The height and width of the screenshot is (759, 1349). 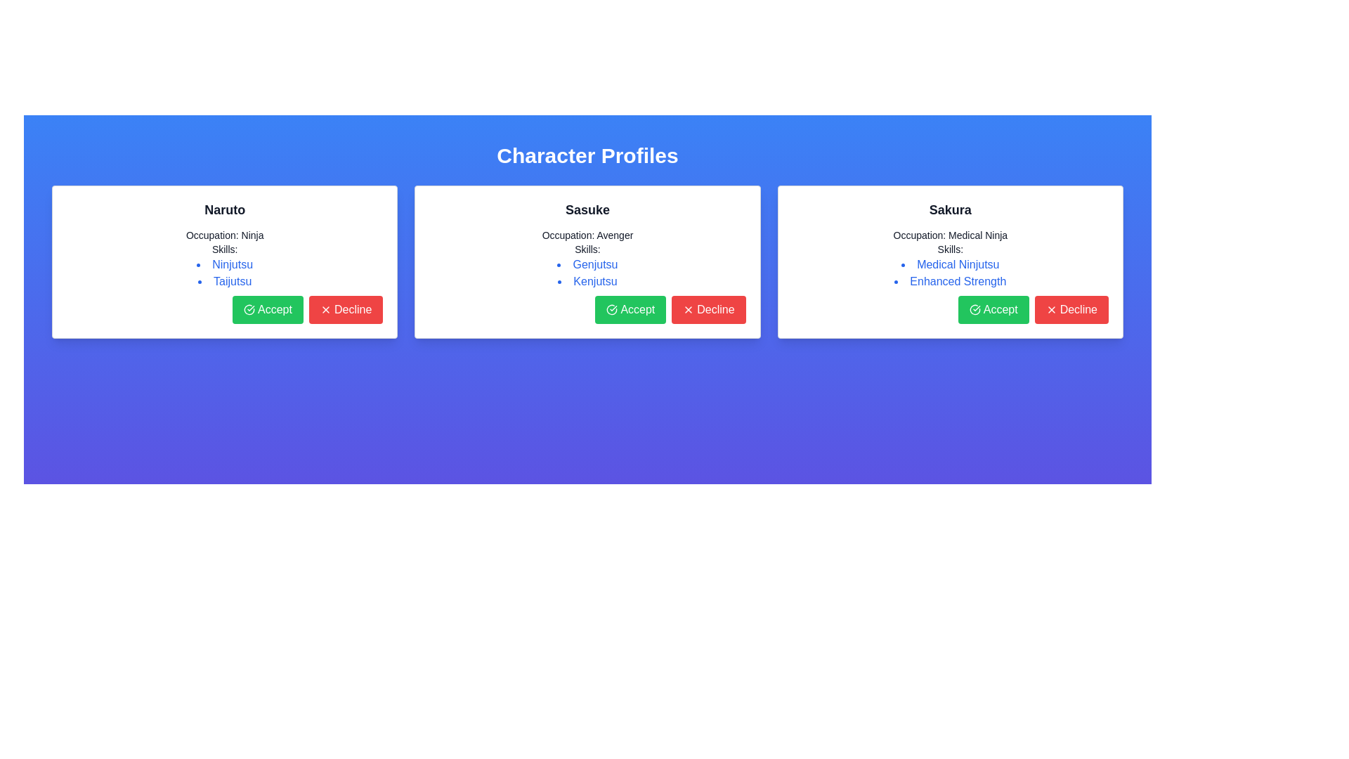 I want to click on text label that says 'Skills:' located in the middle profile card labeled 'Sasuke', positioned below 'Occupation: Avenger' and above the skills bullet points, so click(x=587, y=248).